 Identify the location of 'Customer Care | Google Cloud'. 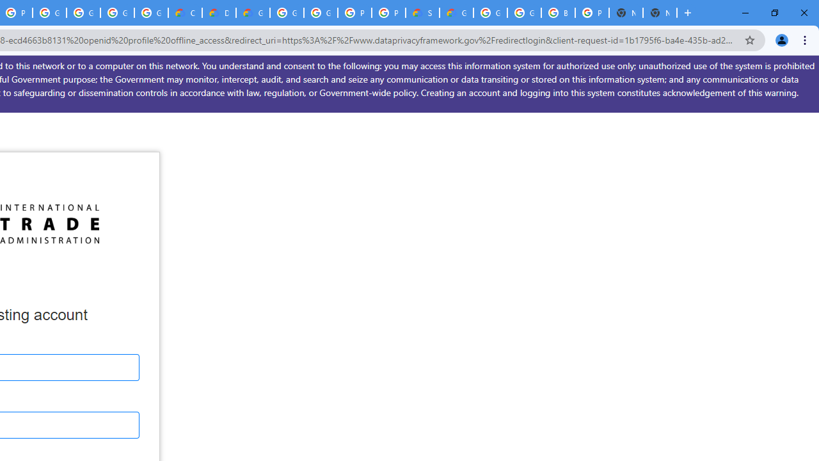
(184, 13).